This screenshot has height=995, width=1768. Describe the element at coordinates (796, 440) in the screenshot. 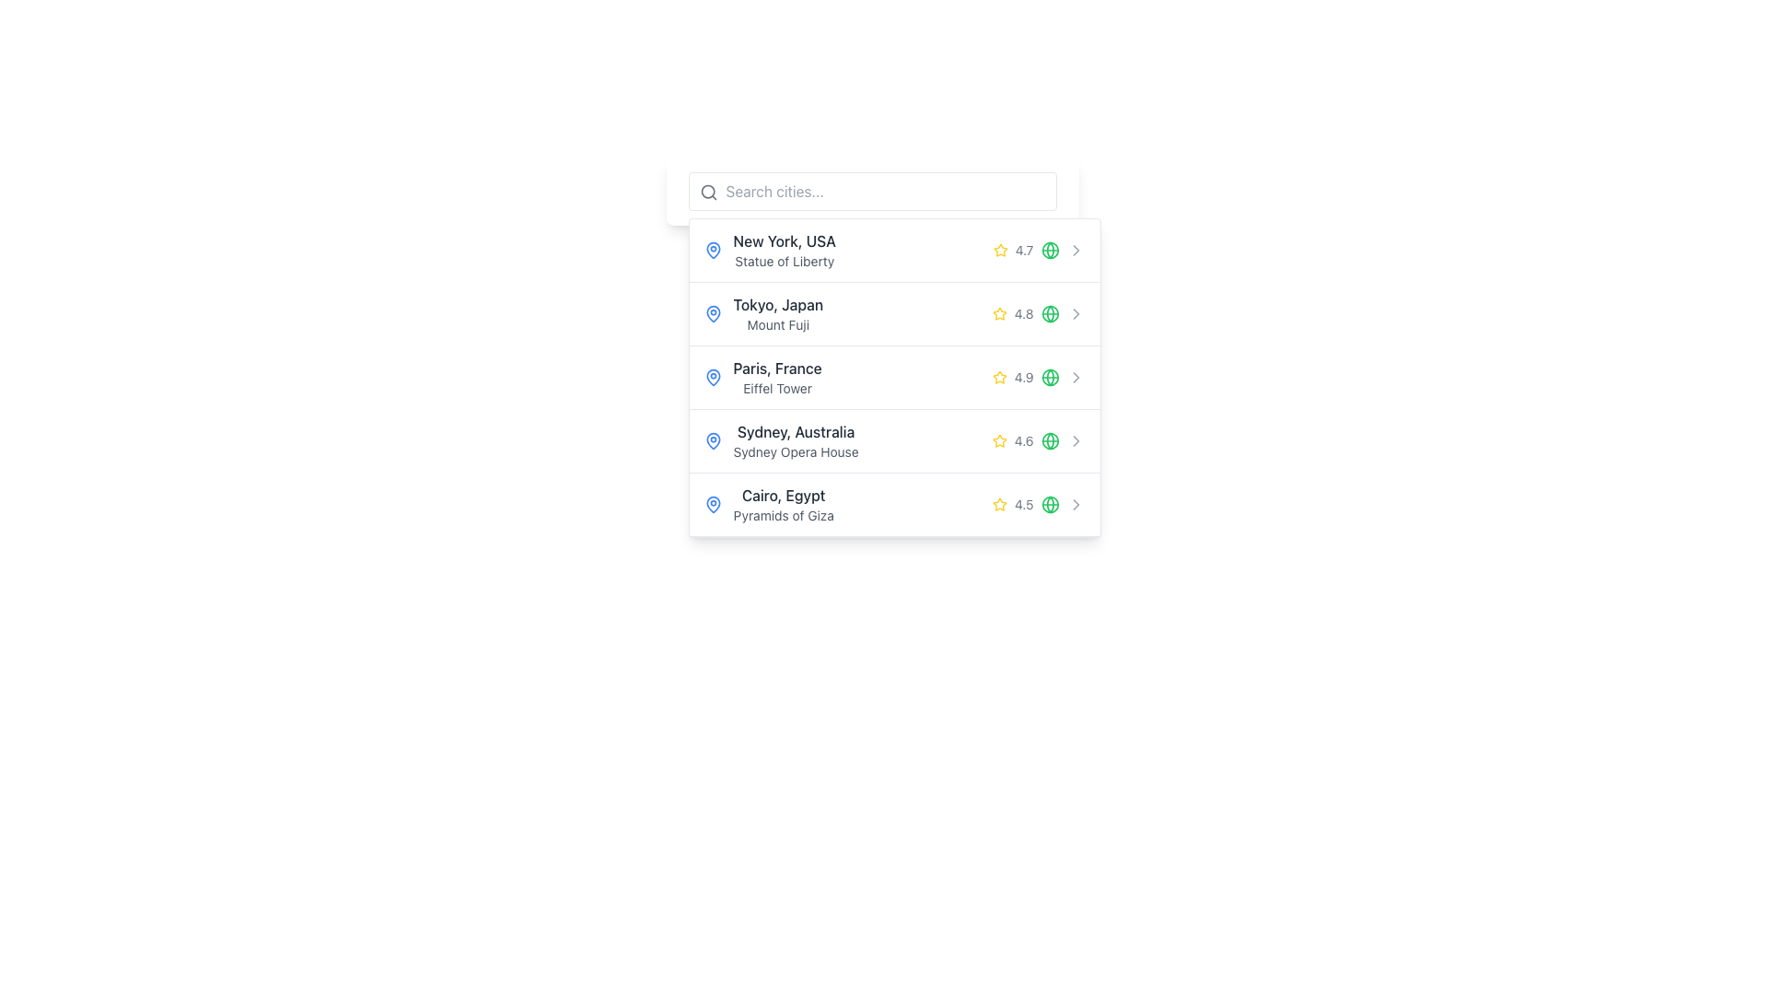

I see `the fourth item in the vertically aligned list of location entries that displays 'Sydney, Australia'` at that location.